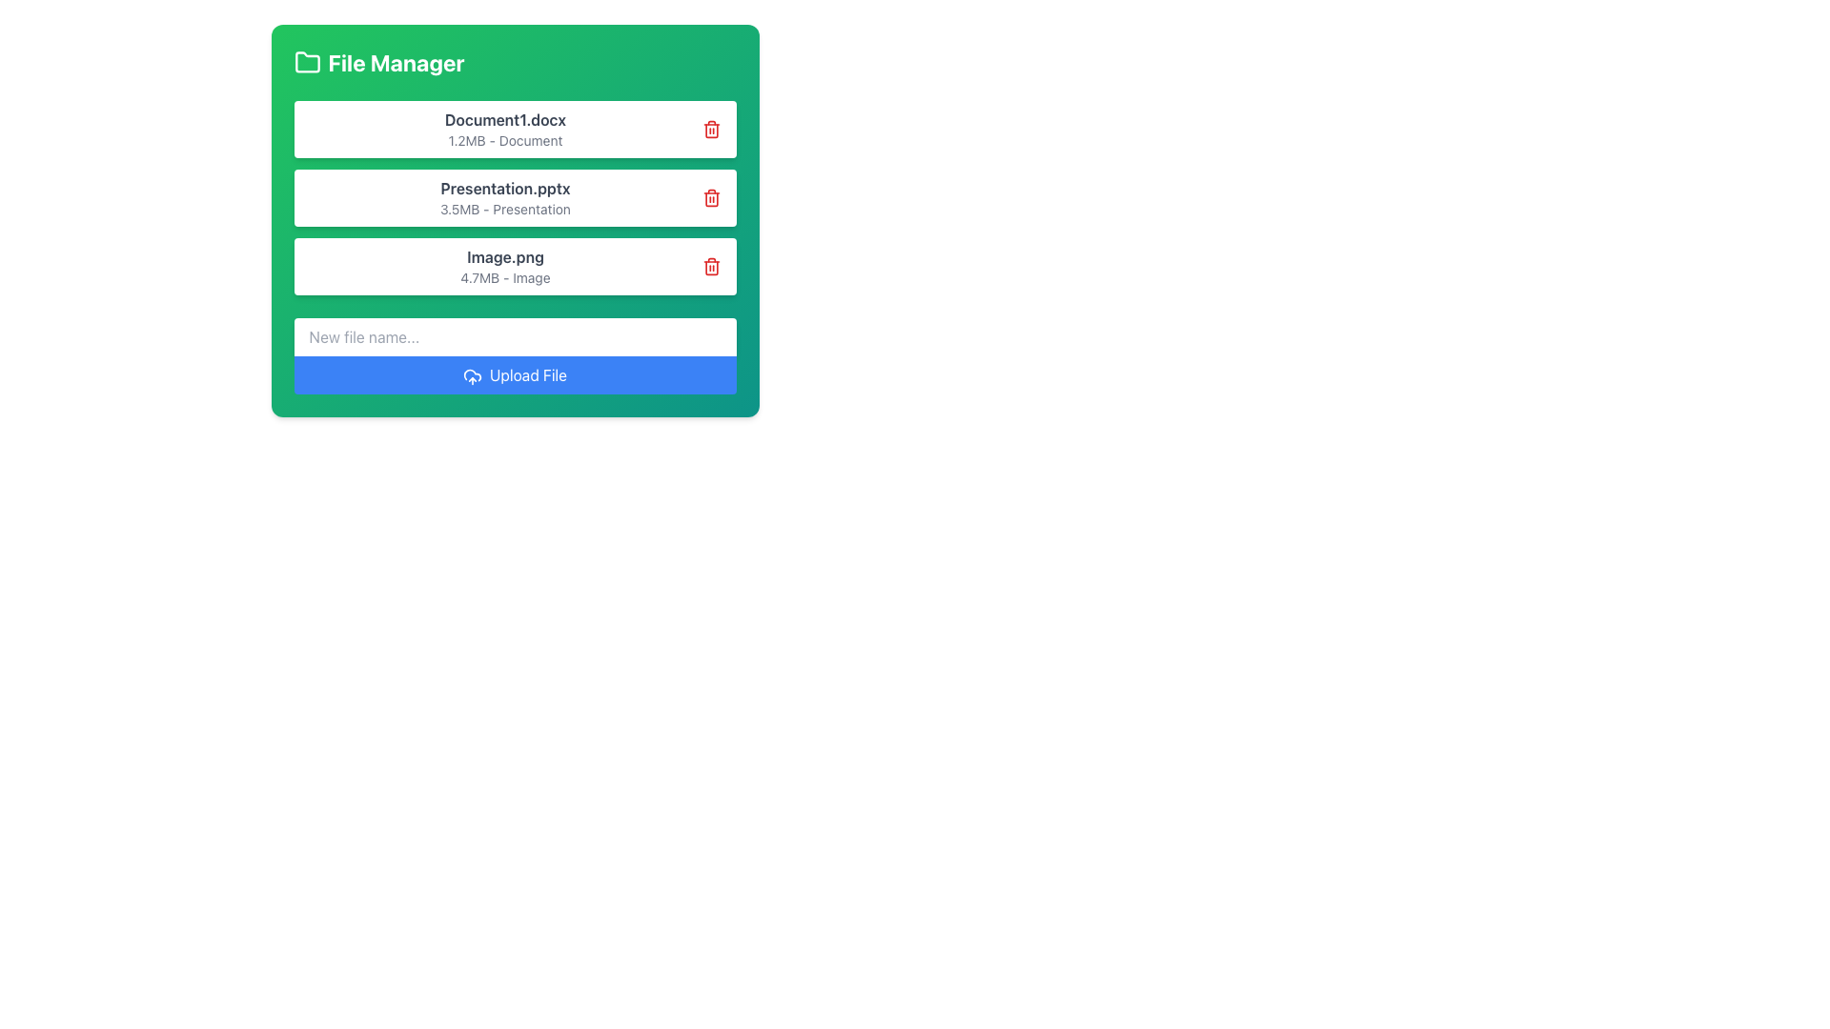  What do you see at coordinates (710, 129) in the screenshot?
I see `the delete action button represented by a trash bin icon for the first file item 'Document1.docx' located on the far right side of its entry in the file list` at bounding box center [710, 129].